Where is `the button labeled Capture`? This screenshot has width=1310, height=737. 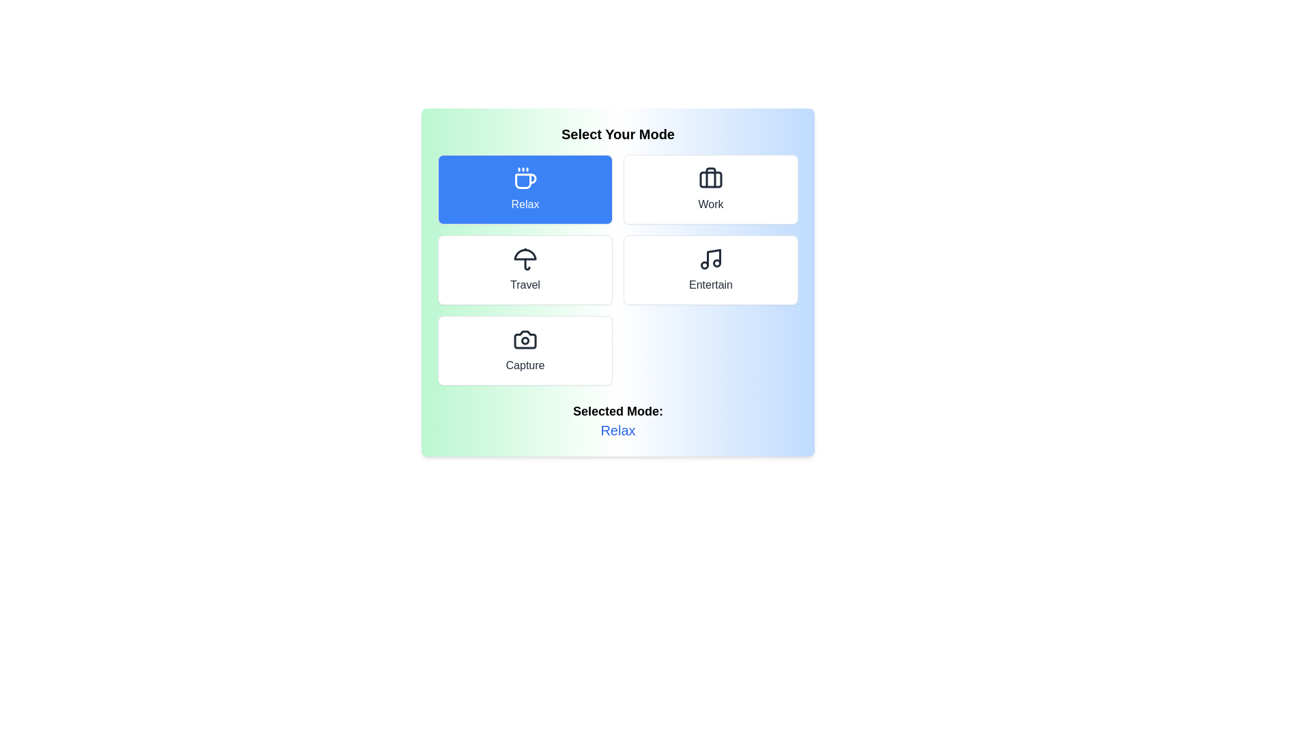 the button labeled Capture is located at coordinates (524, 349).